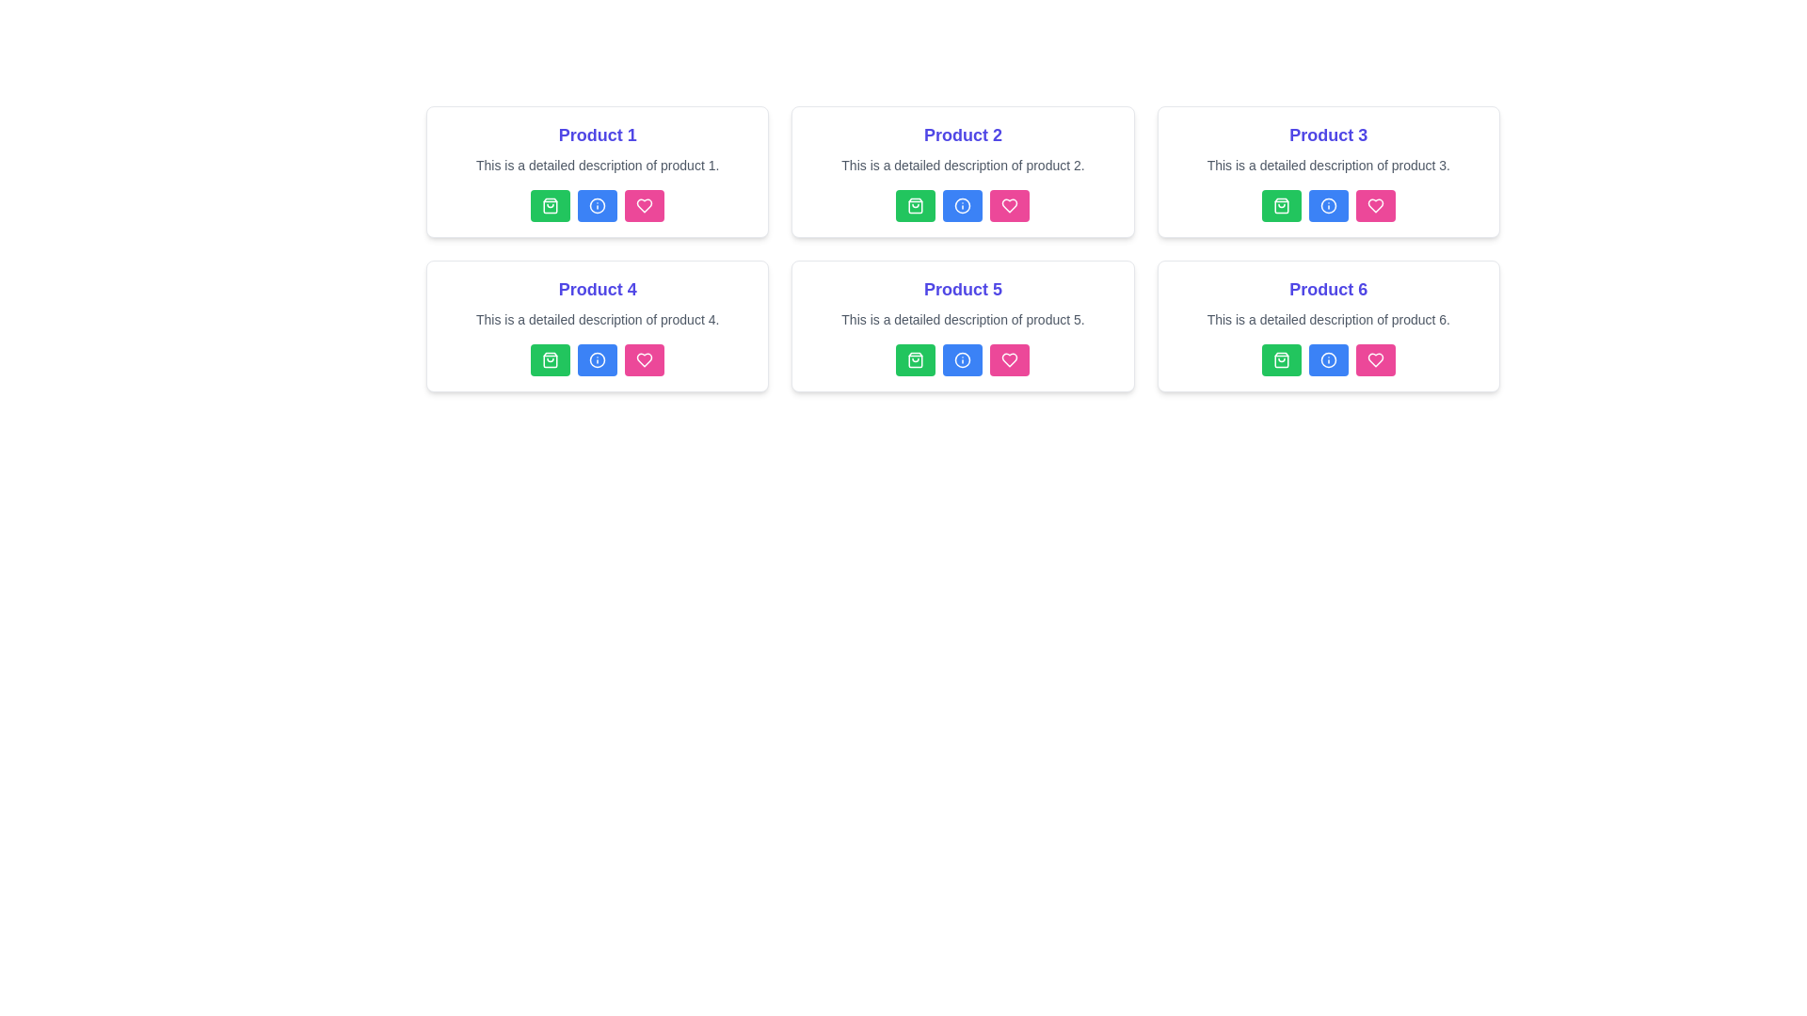 This screenshot has width=1807, height=1016. I want to click on the third button from the left in the row below 'Product 4' to change its appearance, so click(645, 359).